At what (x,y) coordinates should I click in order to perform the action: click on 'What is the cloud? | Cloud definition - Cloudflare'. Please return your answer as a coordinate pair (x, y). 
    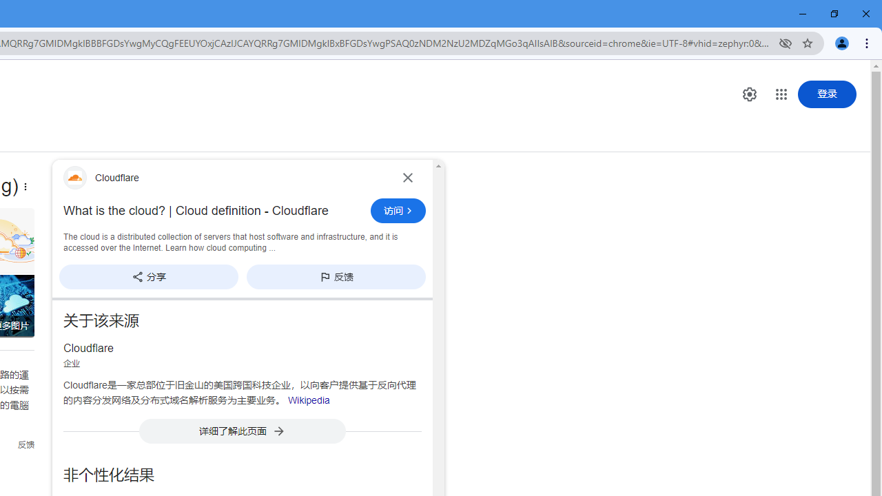
    Looking at the image, I should click on (212, 211).